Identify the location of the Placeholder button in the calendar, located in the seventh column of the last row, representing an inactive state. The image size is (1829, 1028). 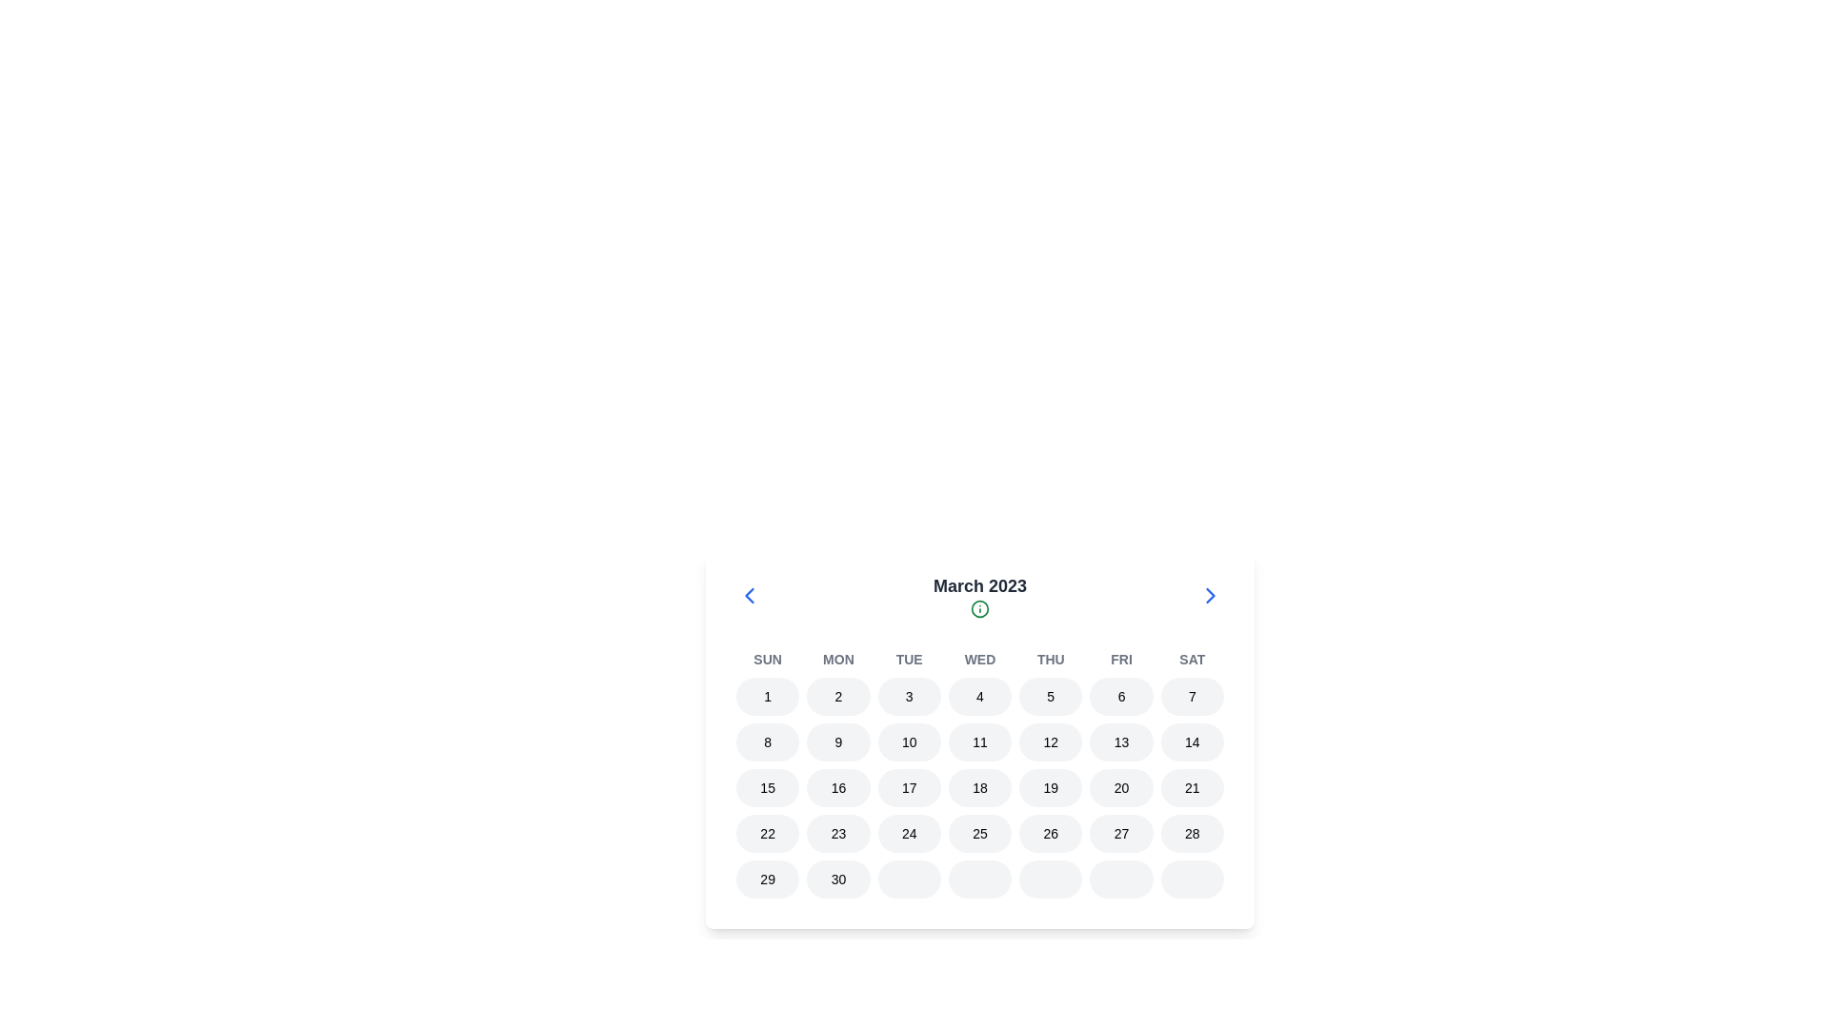
(1191, 880).